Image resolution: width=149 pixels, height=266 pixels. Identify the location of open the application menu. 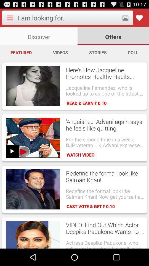
(10, 18).